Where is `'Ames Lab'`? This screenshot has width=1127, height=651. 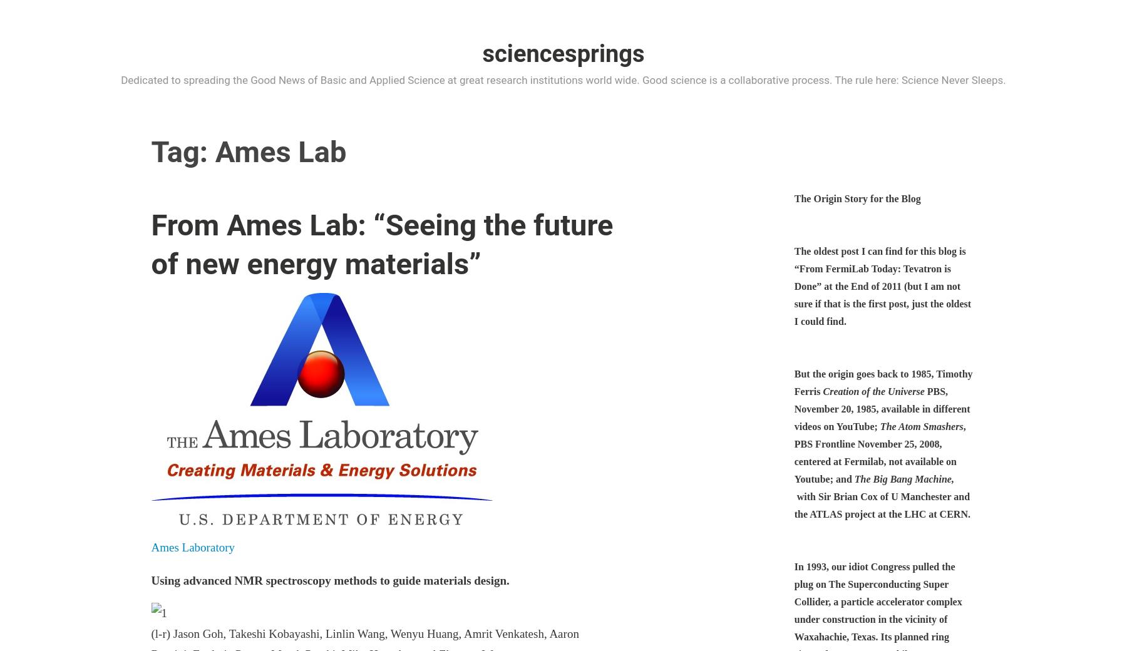
'Ames Lab' is located at coordinates (280, 151).